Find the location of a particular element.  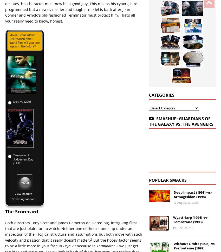

'Deja Vu (2006)' is located at coordinates (22, 101).